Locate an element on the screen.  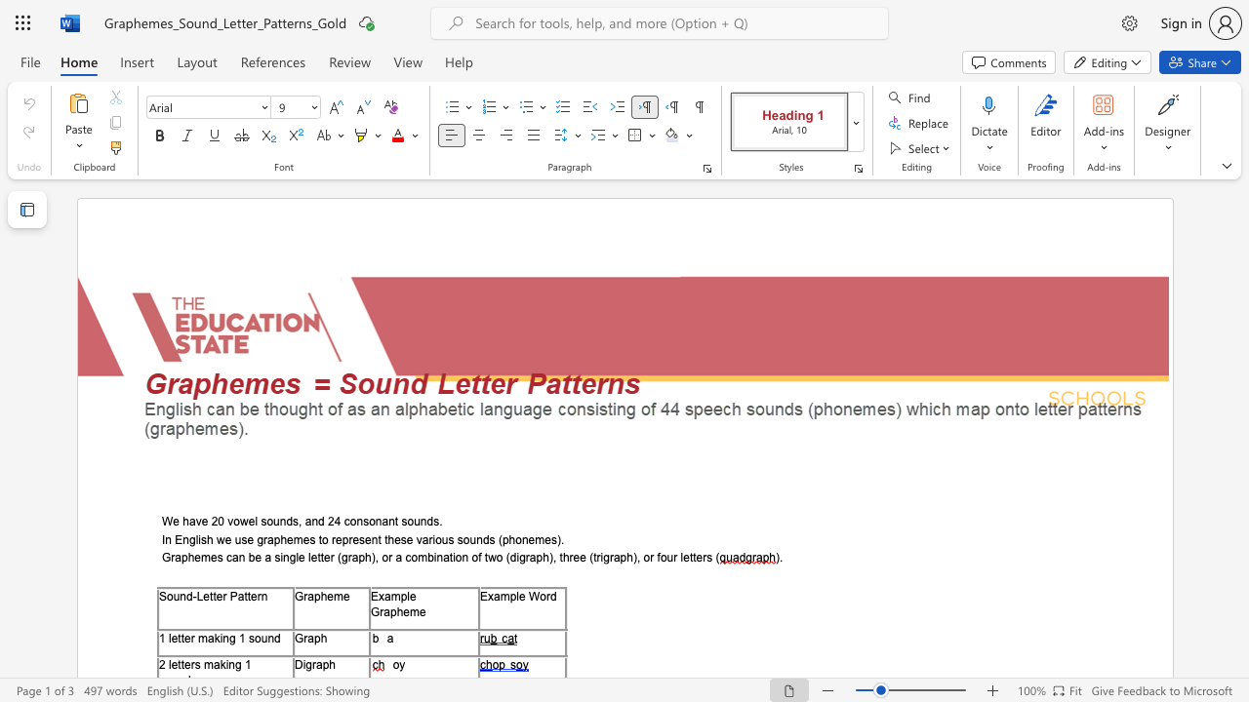
the subset text "nemes)" within the text "these various sounds (phonemes)." is located at coordinates (521, 539).